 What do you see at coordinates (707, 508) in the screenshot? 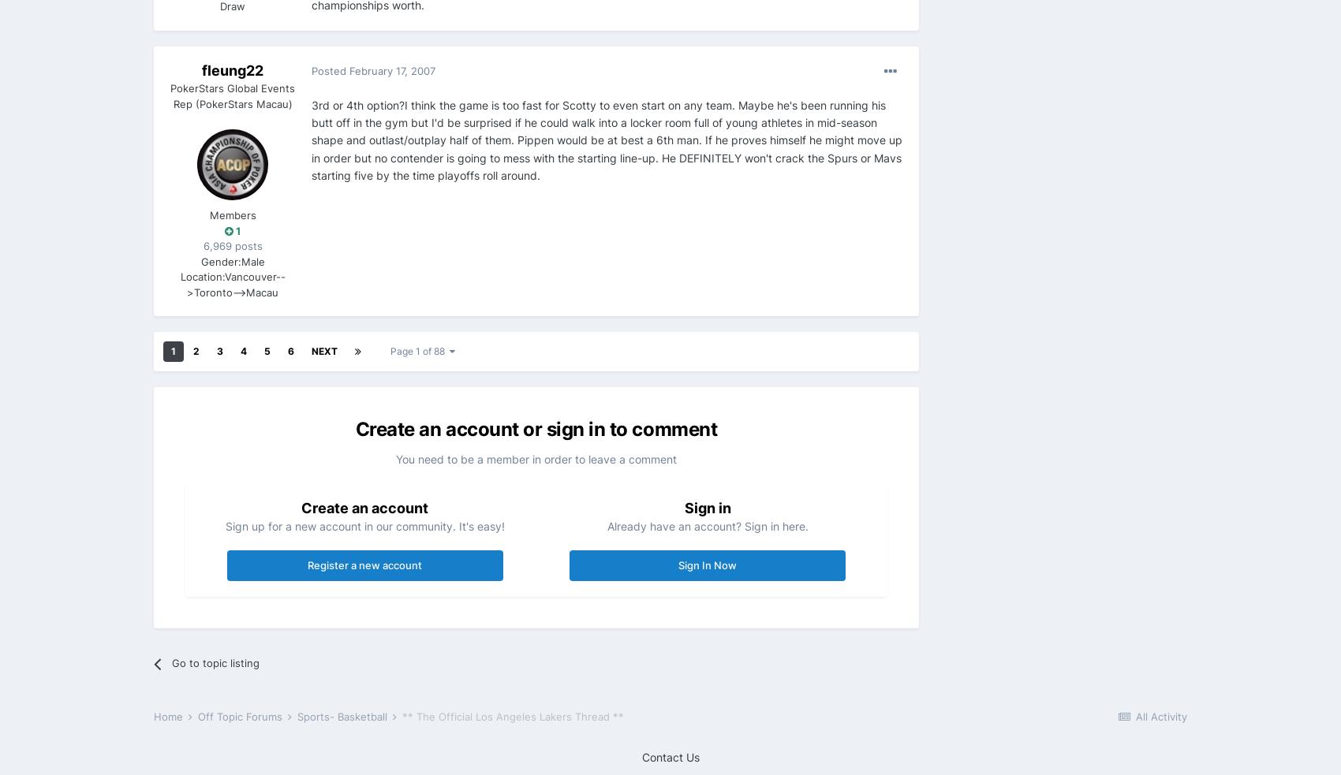
I see `'Sign in'` at bounding box center [707, 508].